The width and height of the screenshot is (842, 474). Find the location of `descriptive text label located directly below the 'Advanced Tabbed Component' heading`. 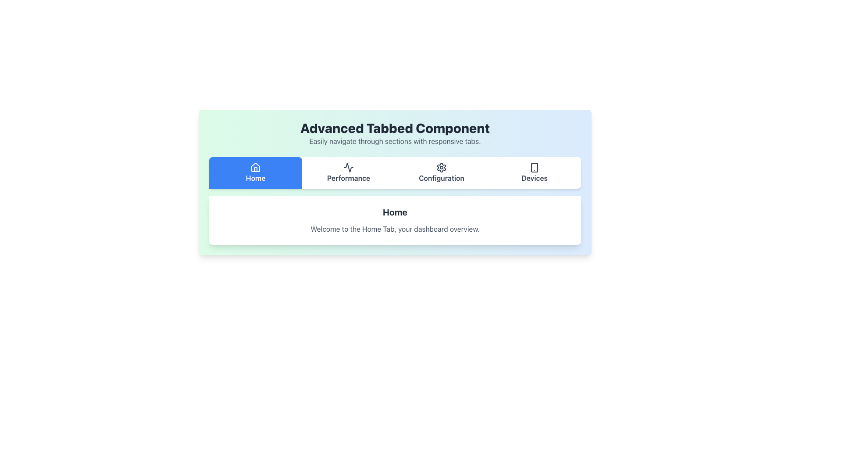

descriptive text label located directly below the 'Advanced Tabbed Component' heading is located at coordinates (395, 140).